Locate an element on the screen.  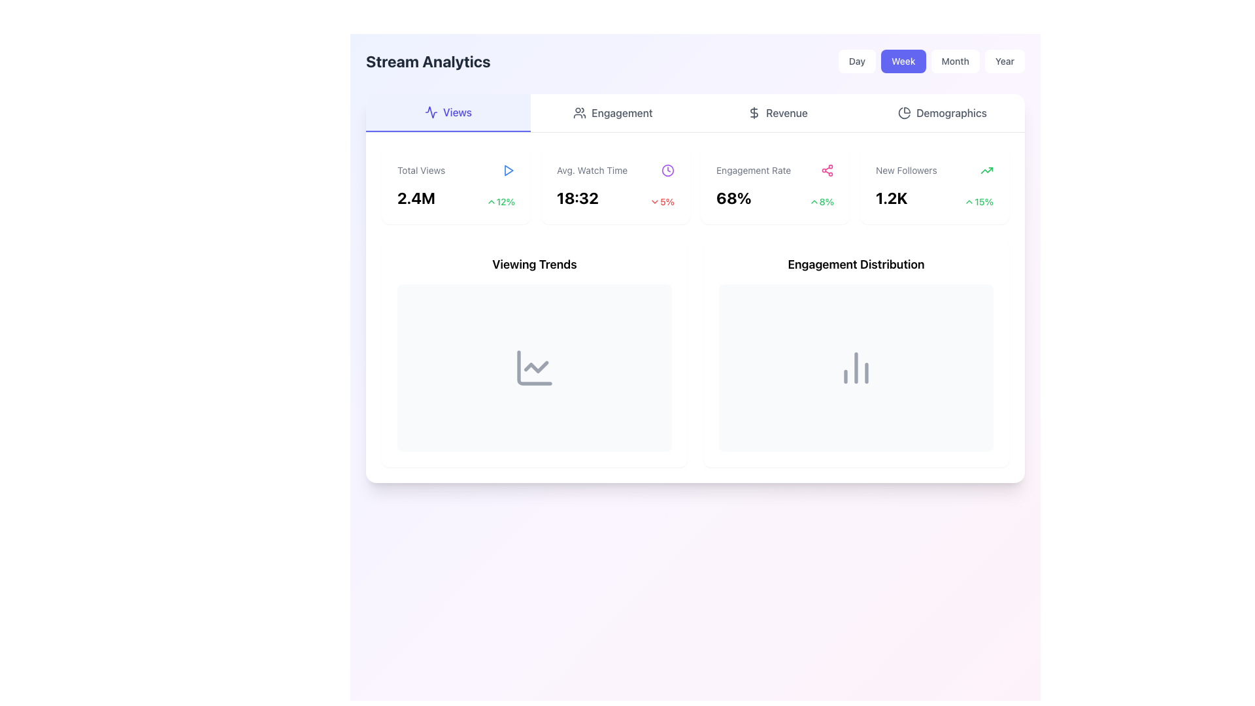
the SVG share icon located near the top center of the display, next to the engagement rate text '68%', which is represented by three connected pink circles forming a triangular shape is located at coordinates (827, 170).